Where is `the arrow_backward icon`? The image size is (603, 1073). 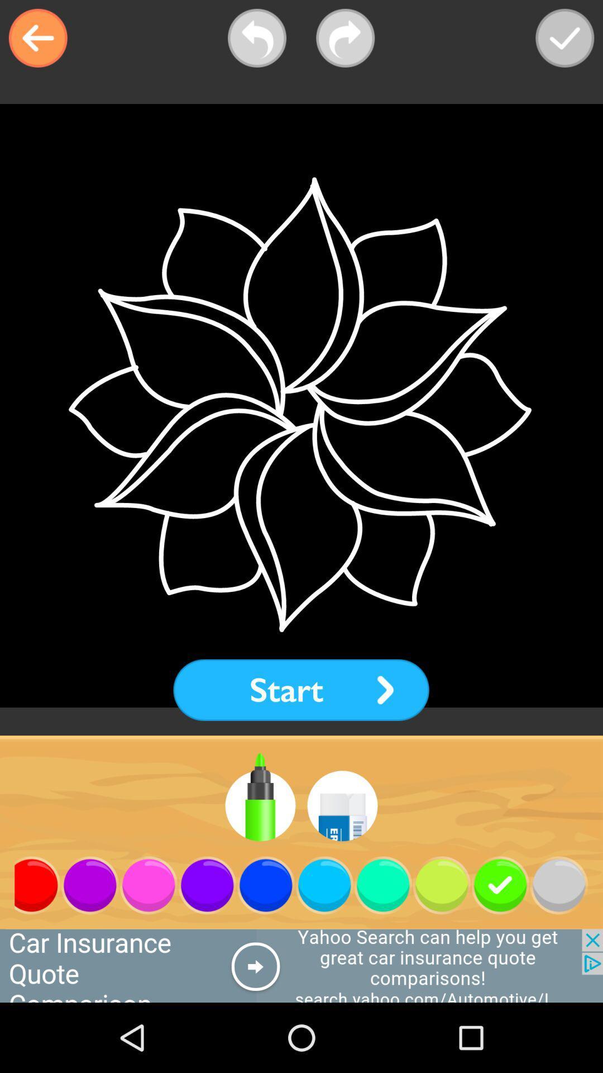 the arrow_backward icon is located at coordinates (37, 38).